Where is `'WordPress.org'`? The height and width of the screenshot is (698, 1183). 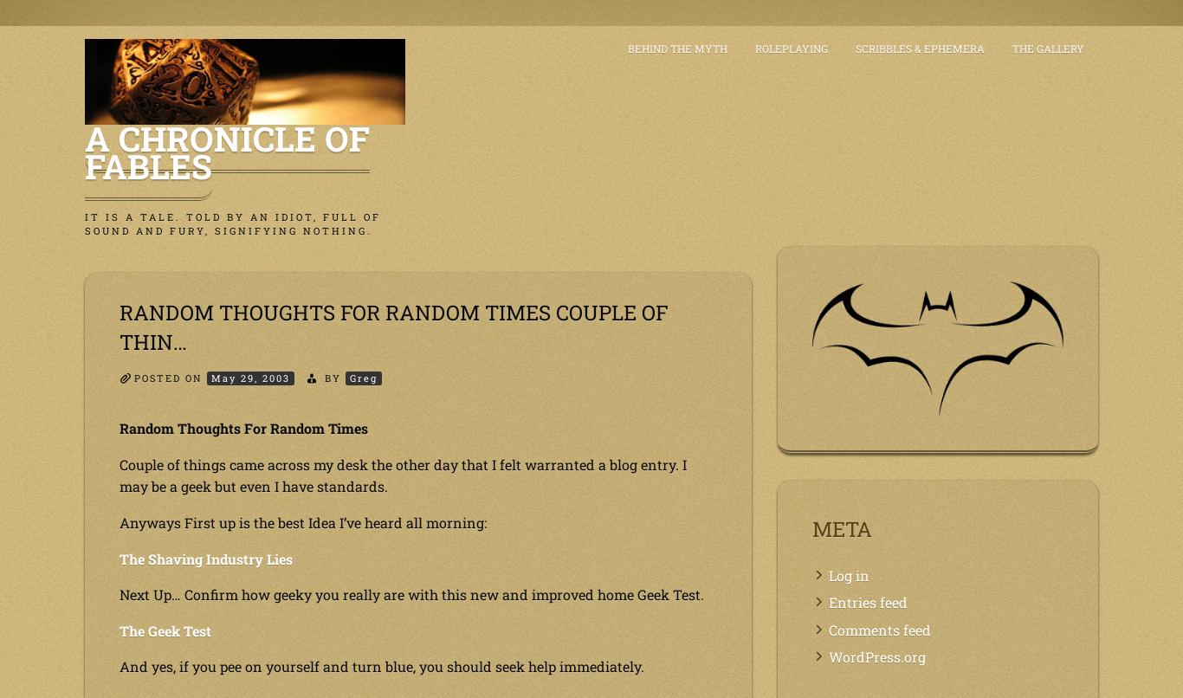
'WordPress.org' is located at coordinates (877, 656).